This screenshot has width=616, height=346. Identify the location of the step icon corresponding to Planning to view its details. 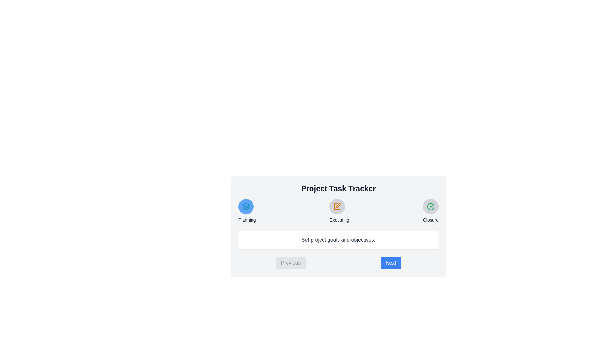
(246, 206).